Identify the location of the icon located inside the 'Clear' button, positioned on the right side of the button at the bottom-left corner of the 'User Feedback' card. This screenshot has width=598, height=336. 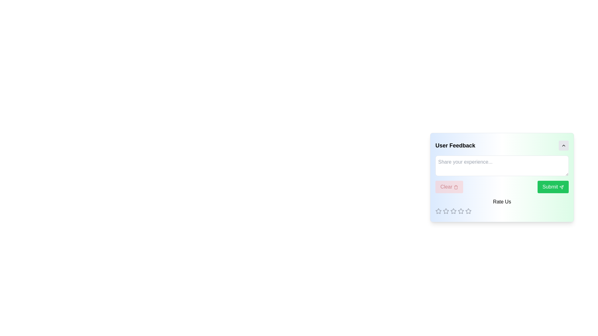
(456, 187).